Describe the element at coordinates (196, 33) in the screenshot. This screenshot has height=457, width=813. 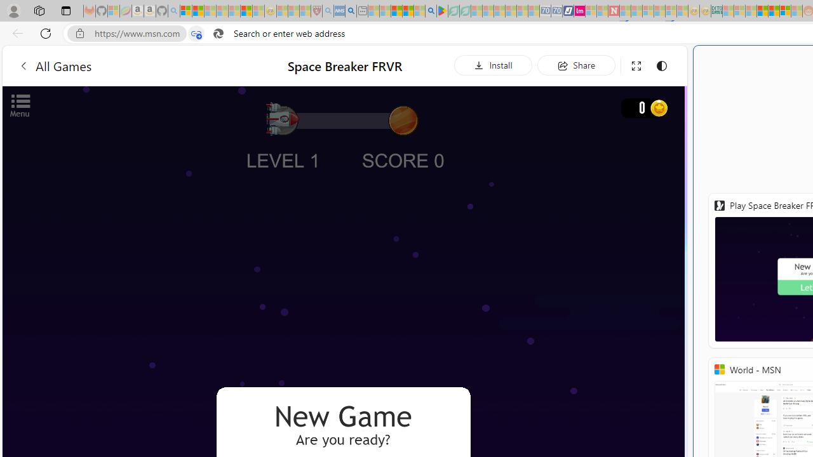
I see `'Tabs in split screen'` at that location.